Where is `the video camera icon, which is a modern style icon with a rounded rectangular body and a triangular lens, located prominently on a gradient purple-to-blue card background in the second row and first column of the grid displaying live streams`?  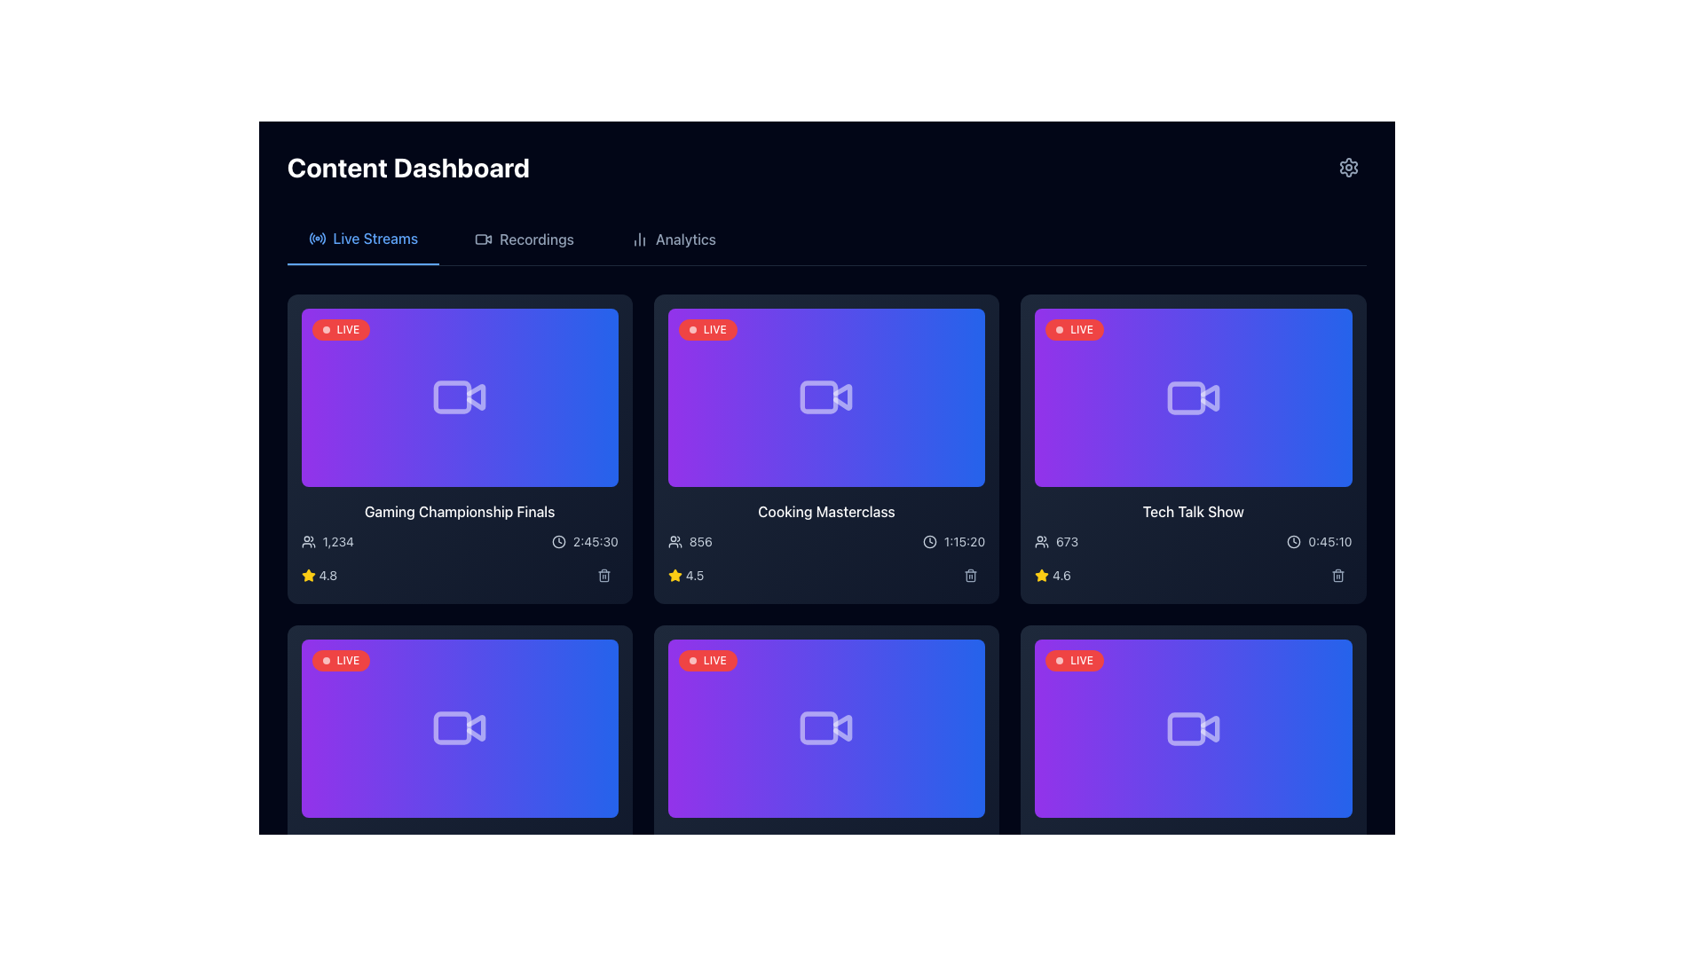 the video camera icon, which is a modern style icon with a rounded rectangular body and a triangular lens, located prominently on a gradient purple-to-blue card background in the second row and first column of the grid displaying live streams is located at coordinates (460, 728).